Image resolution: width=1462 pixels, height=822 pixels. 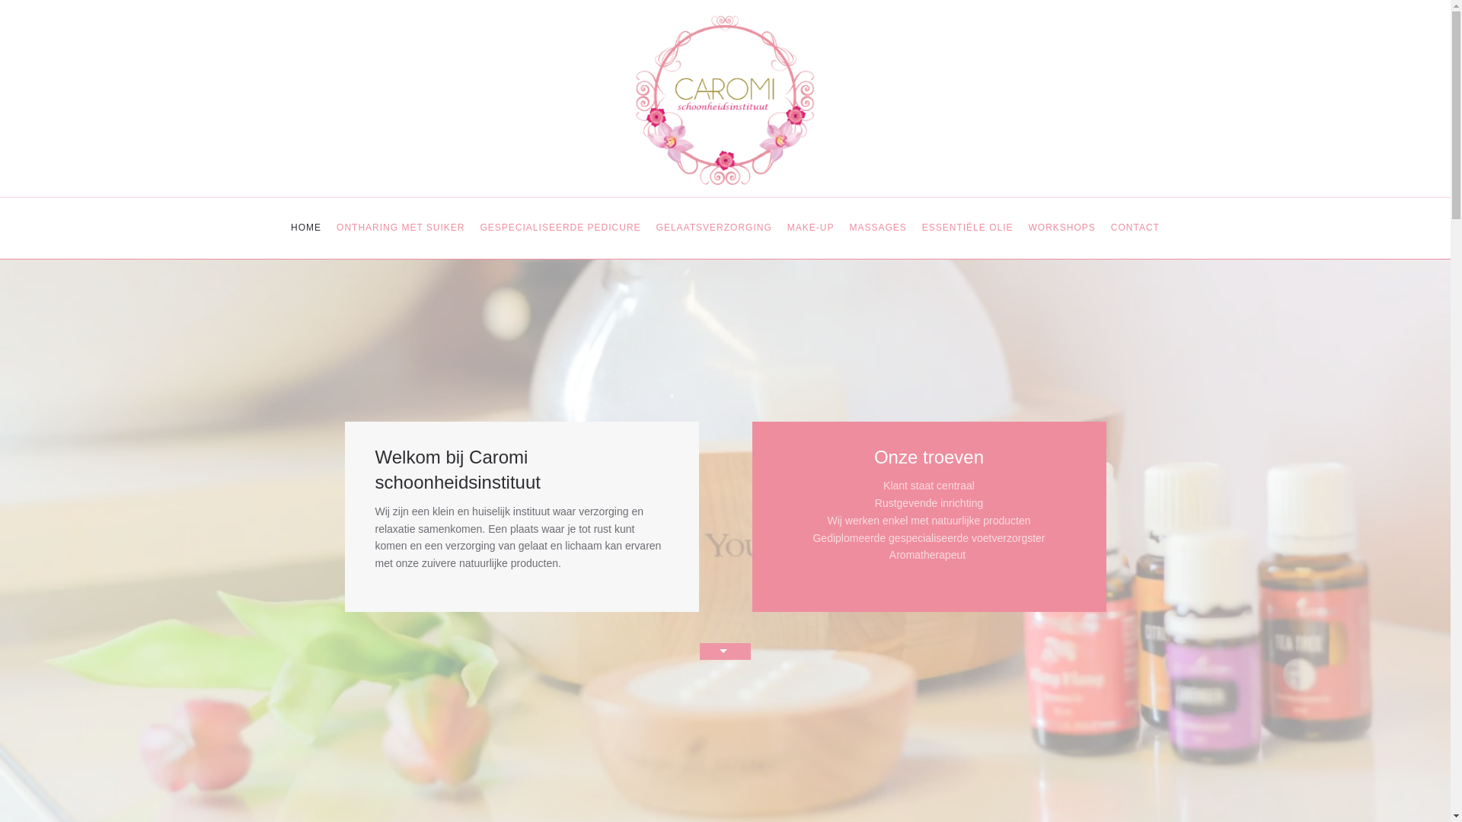 I want to click on 'MAKE-UP', so click(x=810, y=228).